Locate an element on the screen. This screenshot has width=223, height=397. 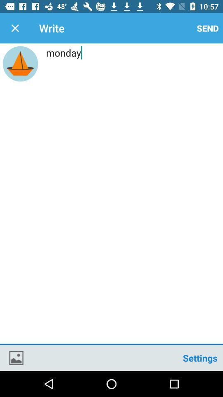
the icon above the monday is located at coordinates (15, 28).